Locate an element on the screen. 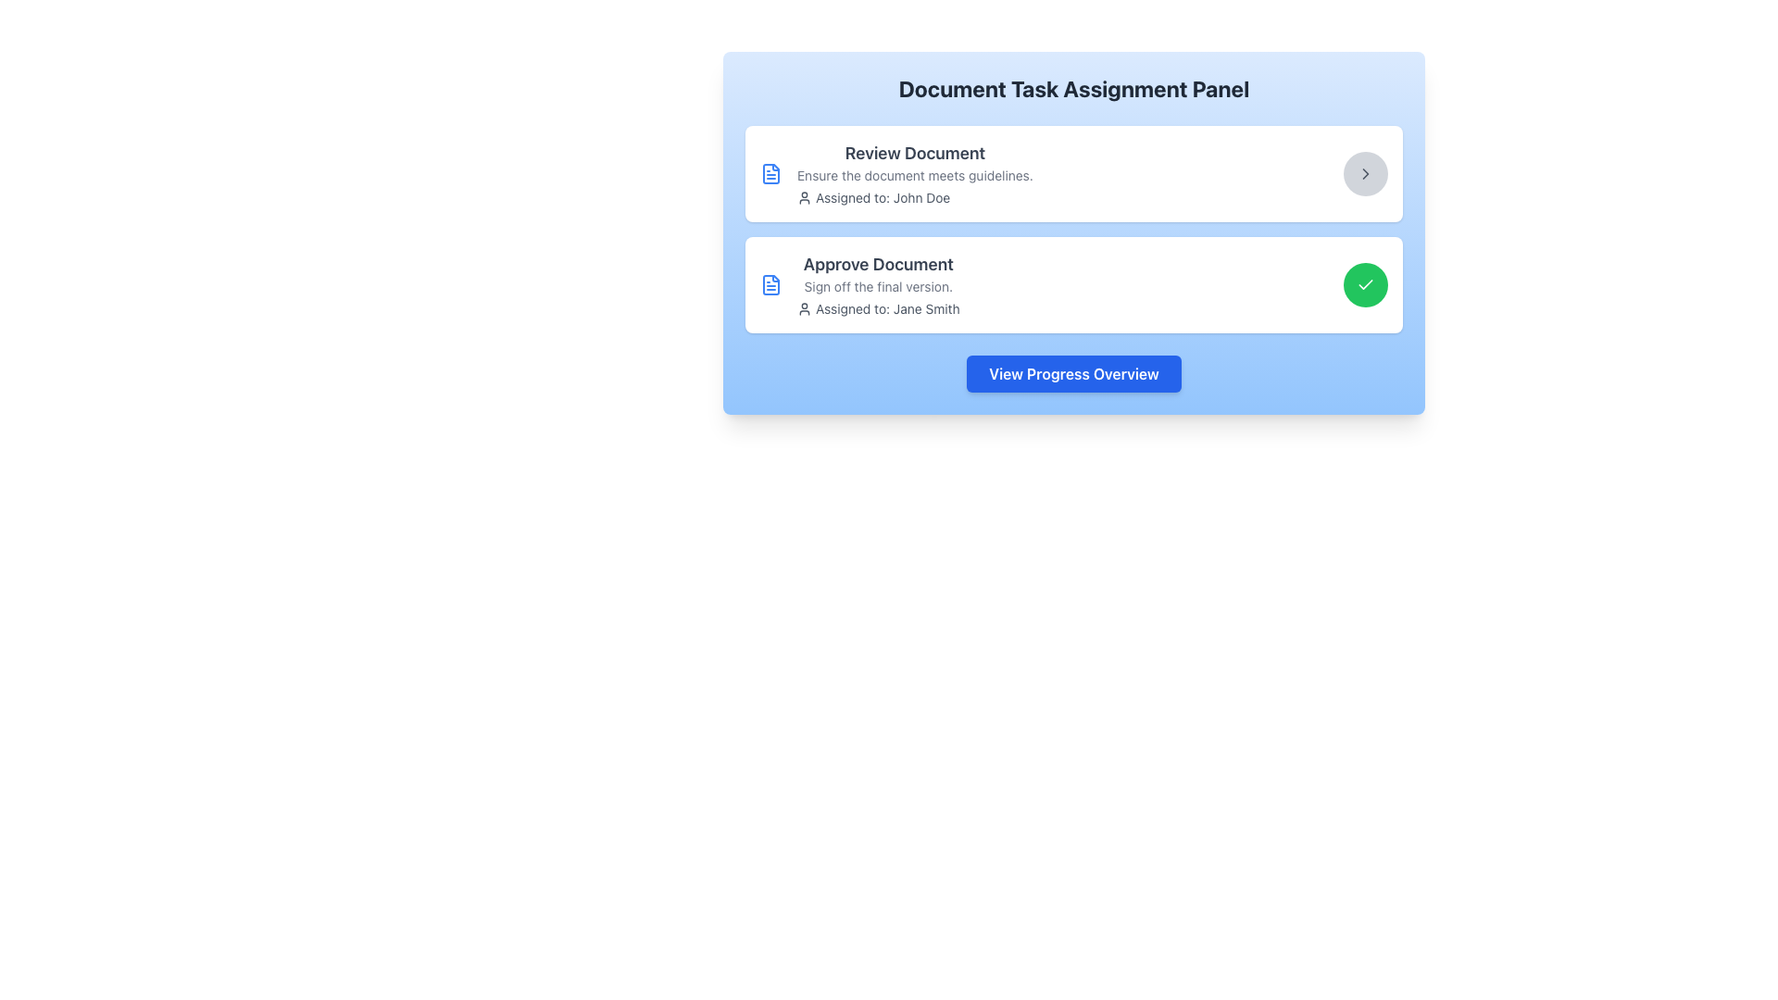 This screenshot has height=1000, width=1778. the circular green button with a white checkmark to approve the task, located adjacent to the 'Approve Document' text in the bottom card of the layout panel is located at coordinates (1365, 285).